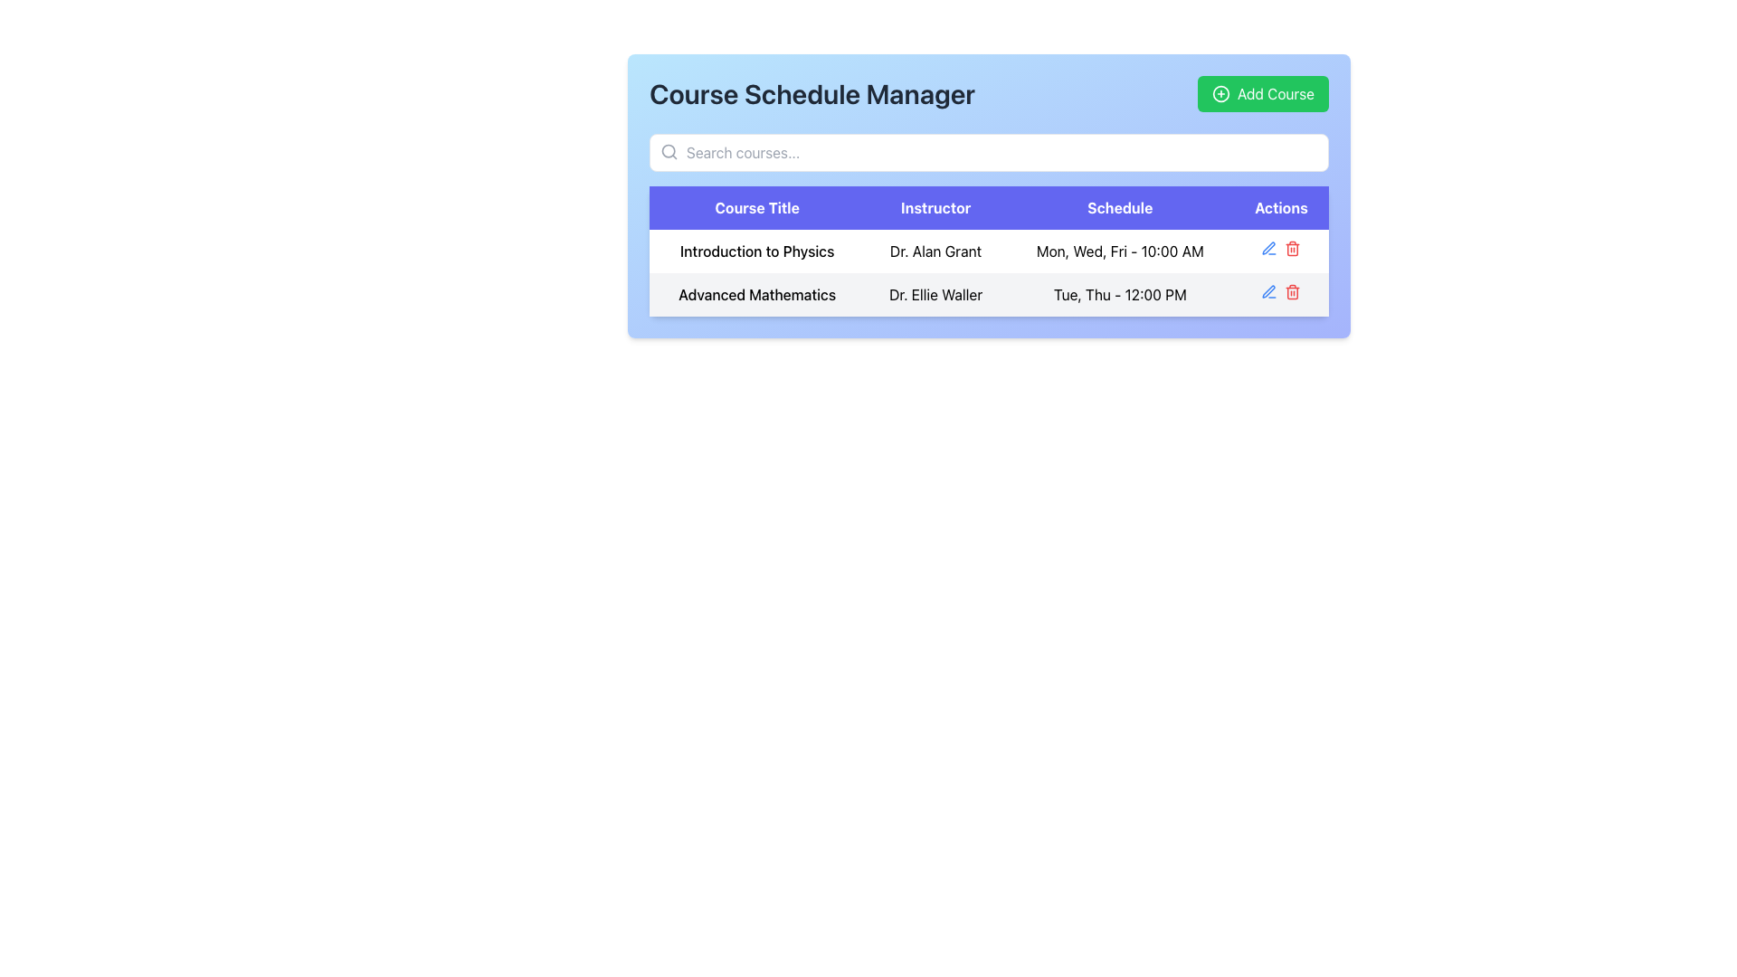 This screenshot has height=977, width=1737. Describe the element at coordinates (1268, 248) in the screenshot. I see `the small blue pen icon located under the 'Actions' column in the second row of a table` at that location.